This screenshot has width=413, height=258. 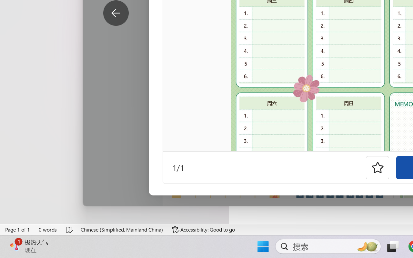 What do you see at coordinates (122, 229) in the screenshot?
I see `'Language Chinese (Simplified, Mainland China)'` at bounding box center [122, 229].